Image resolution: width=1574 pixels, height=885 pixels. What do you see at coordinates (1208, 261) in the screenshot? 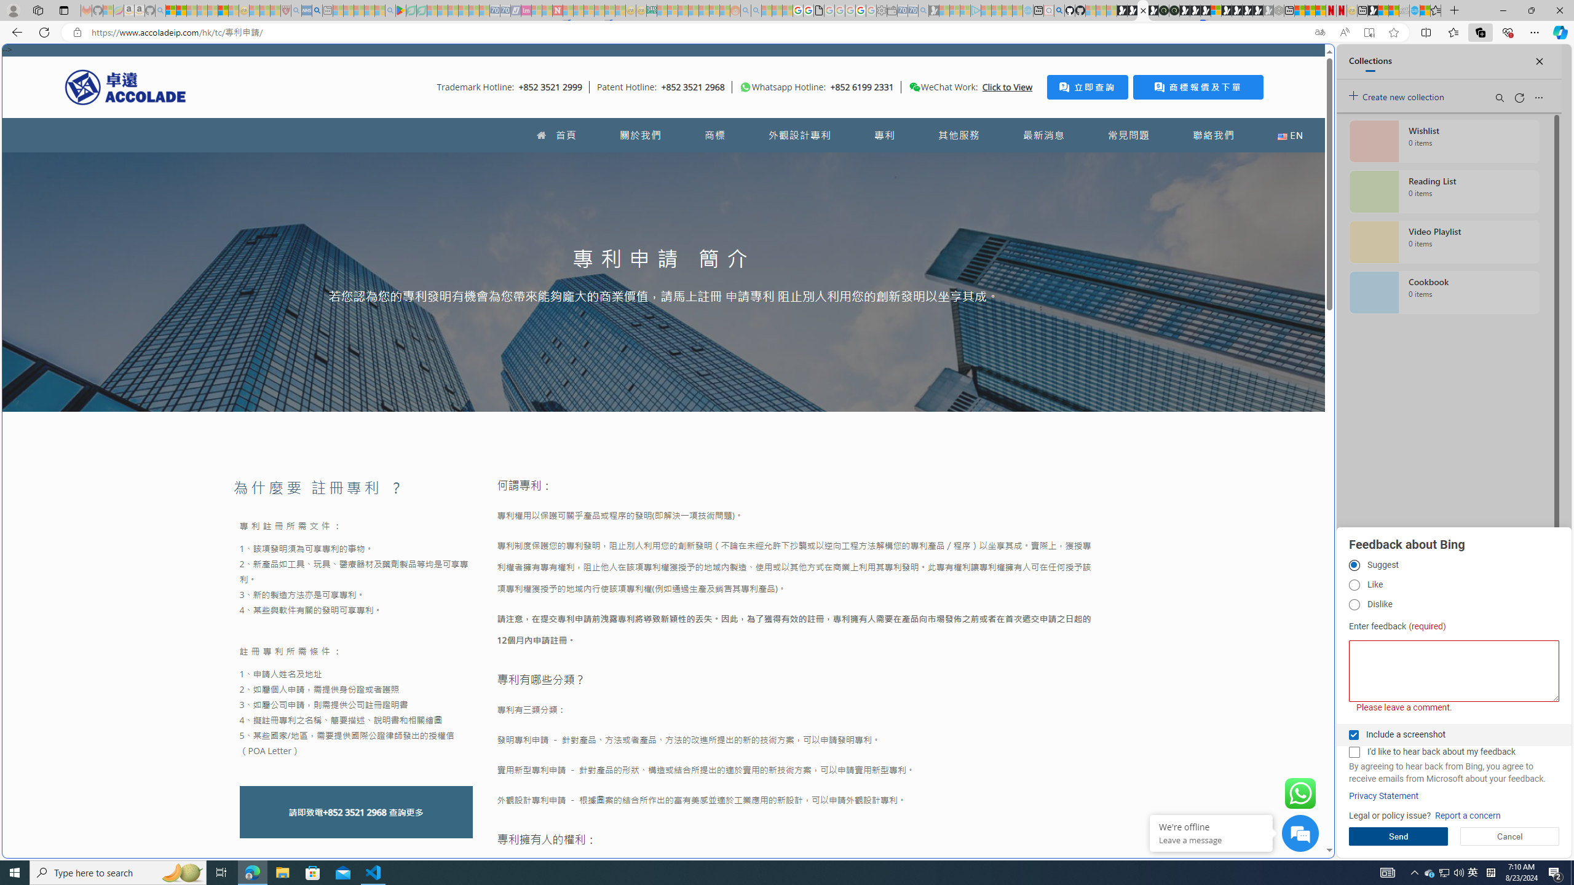
I see `'Home | Sky Blue Bikes - Sky Blue Bikes'` at bounding box center [1208, 261].